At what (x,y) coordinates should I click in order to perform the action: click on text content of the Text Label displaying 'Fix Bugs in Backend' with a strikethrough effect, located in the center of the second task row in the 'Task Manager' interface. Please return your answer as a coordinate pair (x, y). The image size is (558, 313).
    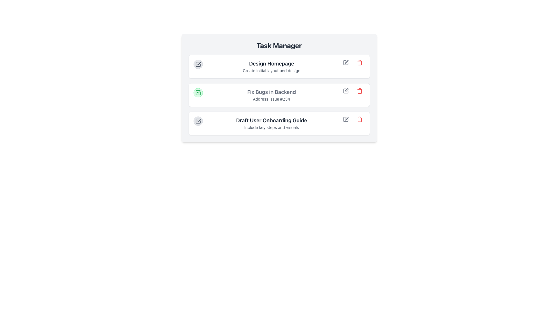
    Looking at the image, I should click on (271, 92).